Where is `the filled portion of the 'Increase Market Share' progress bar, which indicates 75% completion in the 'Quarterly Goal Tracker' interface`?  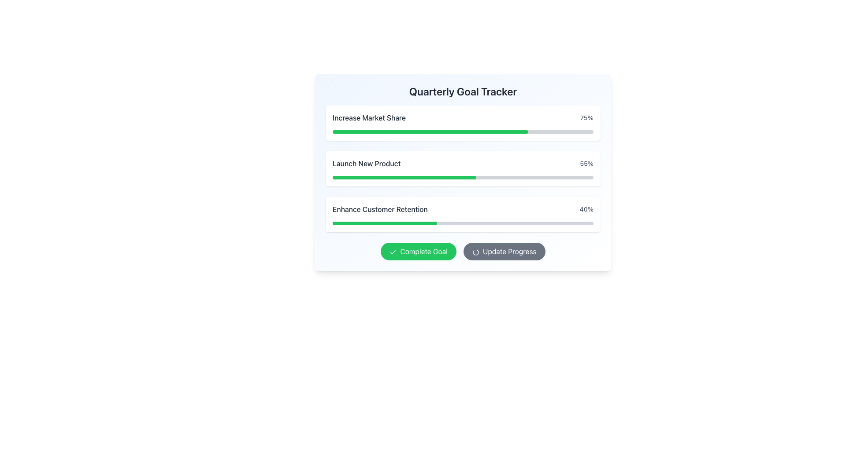 the filled portion of the 'Increase Market Share' progress bar, which indicates 75% completion in the 'Quarterly Goal Tracker' interface is located at coordinates (430, 132).